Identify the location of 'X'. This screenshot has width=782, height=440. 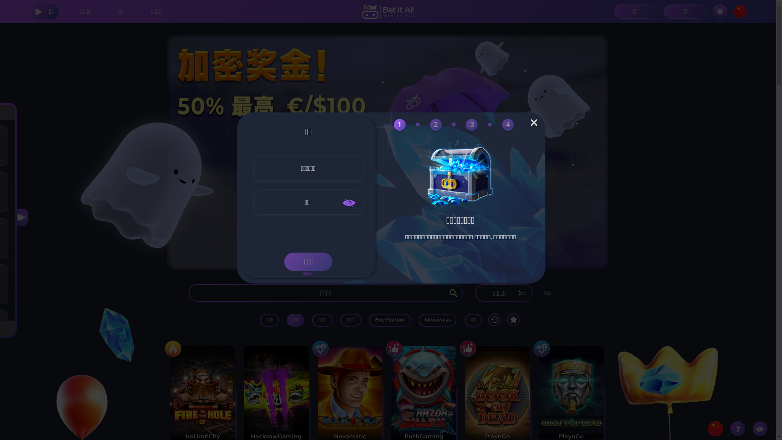
(530, 122).